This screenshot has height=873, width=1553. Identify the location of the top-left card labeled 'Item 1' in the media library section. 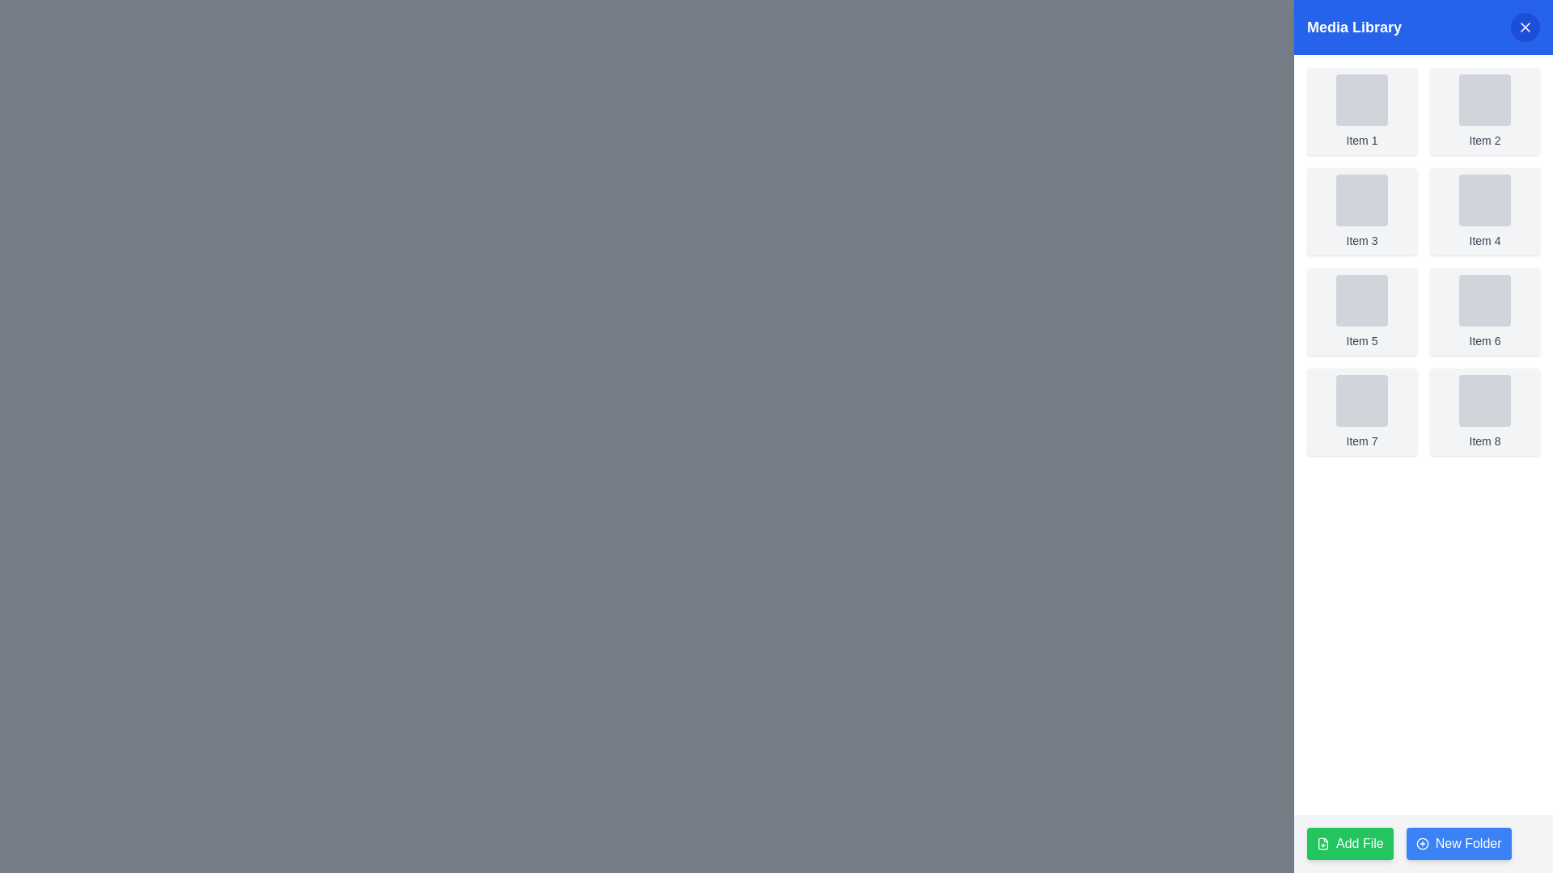
(1361, 111).